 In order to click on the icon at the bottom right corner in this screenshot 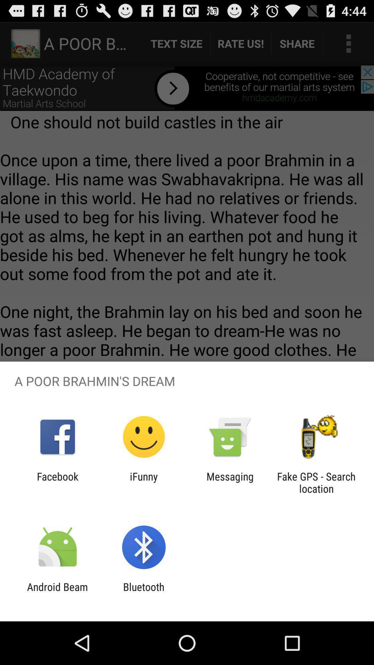, I will do `click(316, 482)`.